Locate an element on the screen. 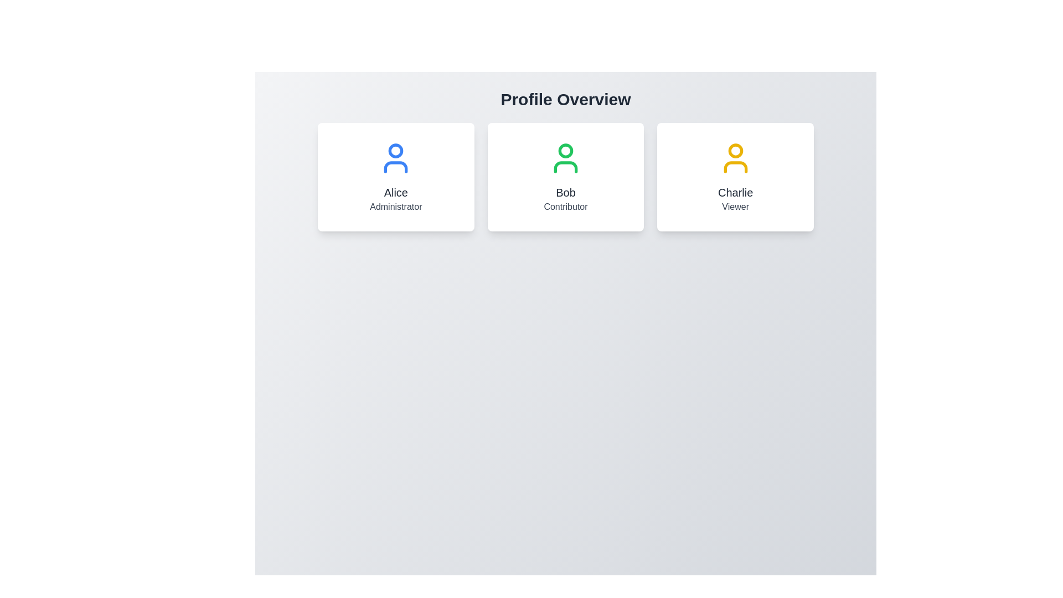 This screenshot has width=1063, height=598. the Profile Card for user Alice, which displays their name and role as 'Administrator'. This card is located is located at coordinates (396, 177).